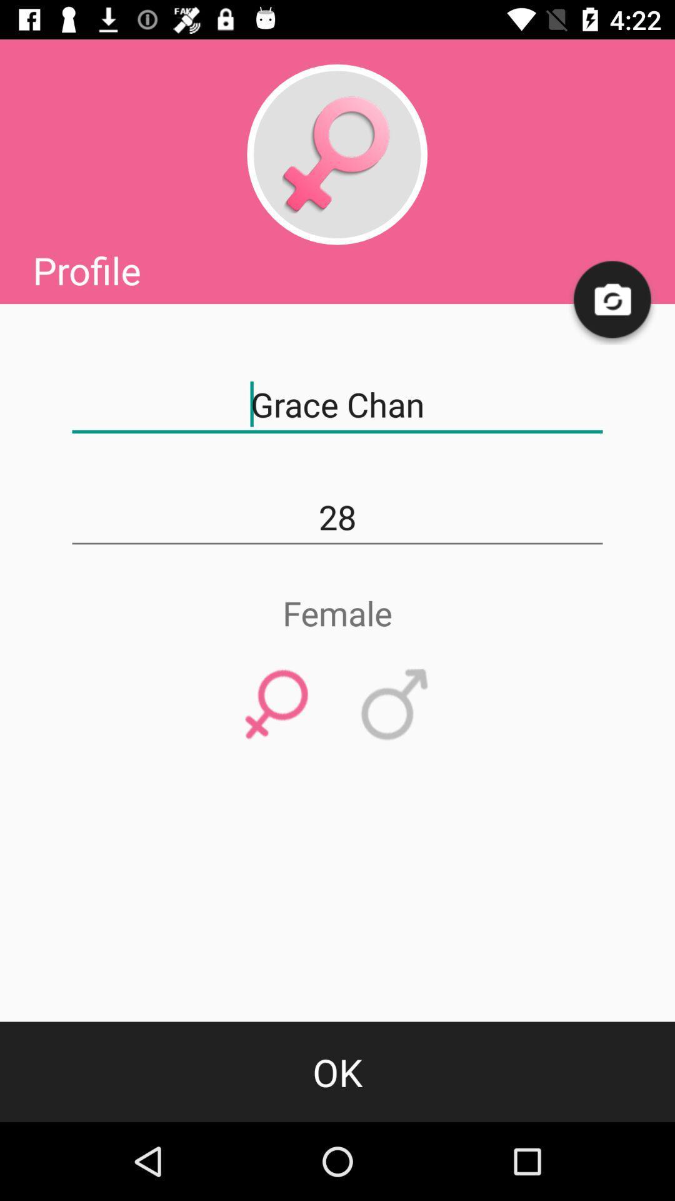  Describe the element at coordinates (395, 705) in the screenshot. I see `male option` at that location.